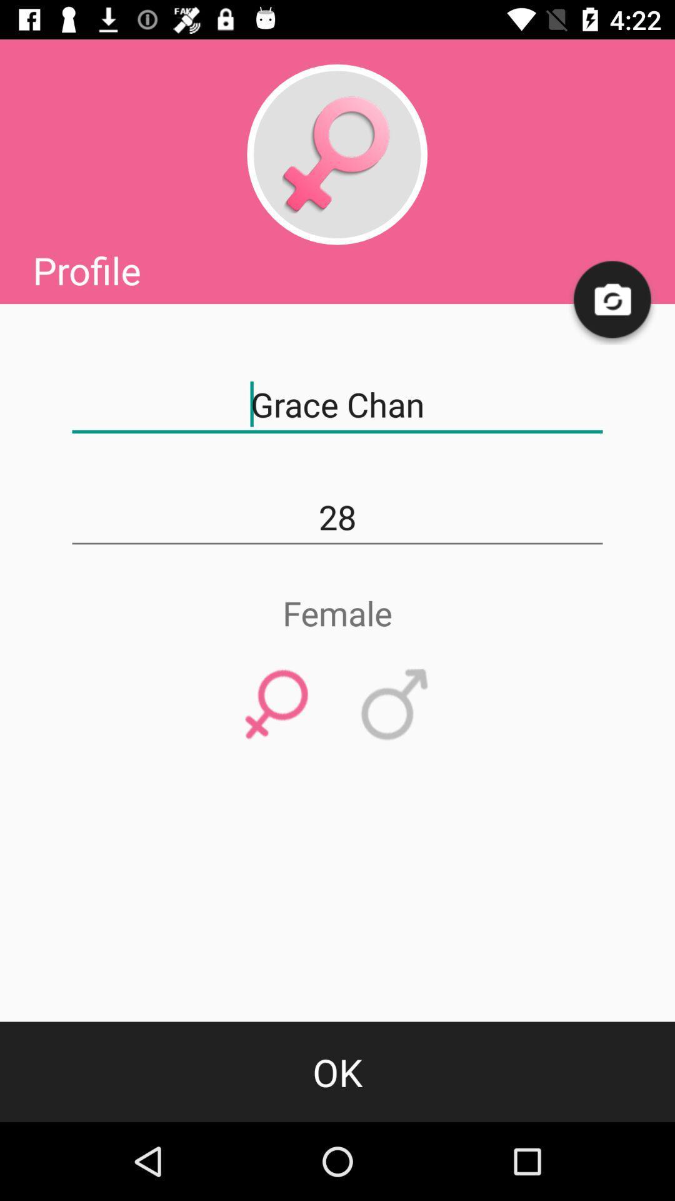  Describe the element at coordinates (395, 705) in the screenshot. I see `male option` at that location.